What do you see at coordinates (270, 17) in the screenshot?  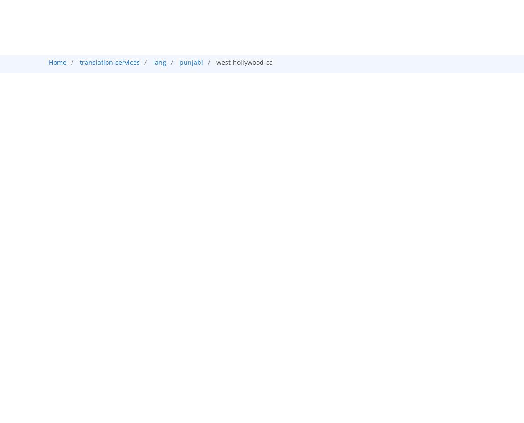 I see `'Services'` at bounding box center [270, 17].